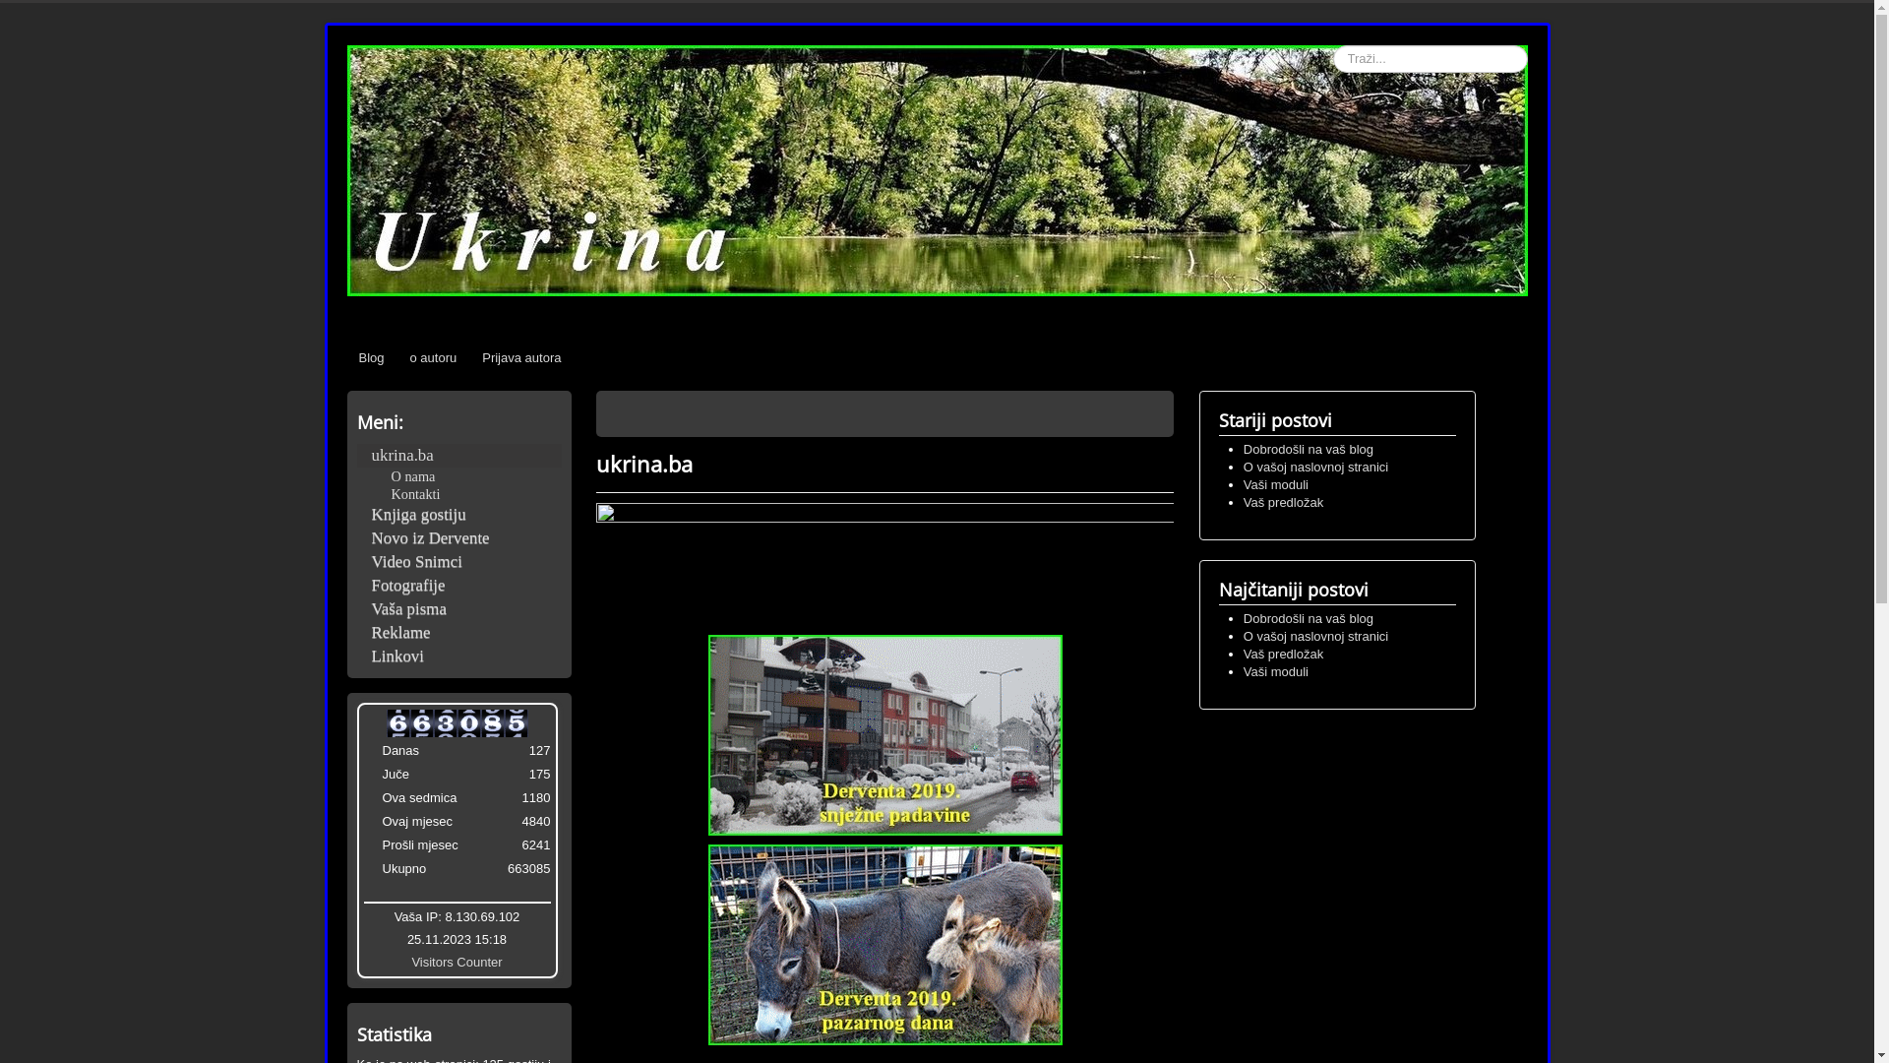 The image size is (1889, 1063). Describe the element at coordinates (371, 824) in the screenshot. I see `'2023-11-01'` at that location.